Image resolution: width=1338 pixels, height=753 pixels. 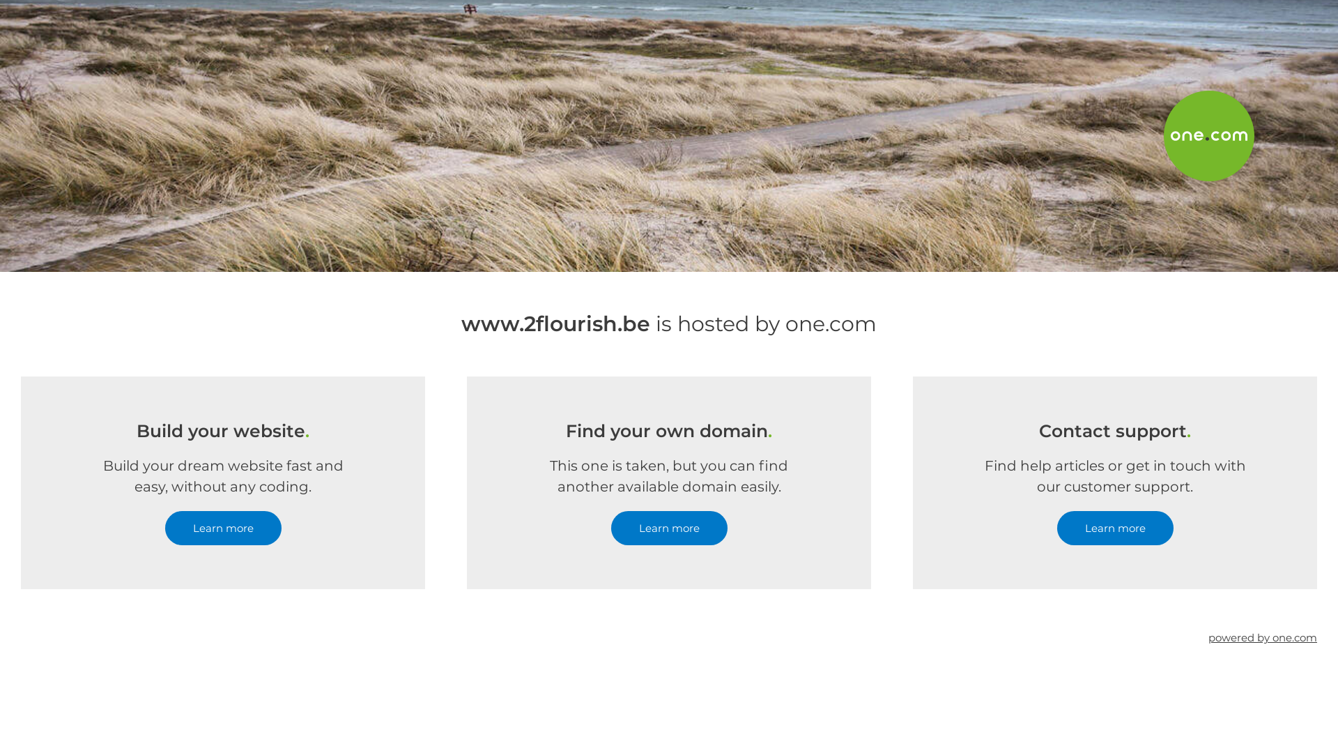 I want to click on 'Learn more', so click(x=1114, y=528).